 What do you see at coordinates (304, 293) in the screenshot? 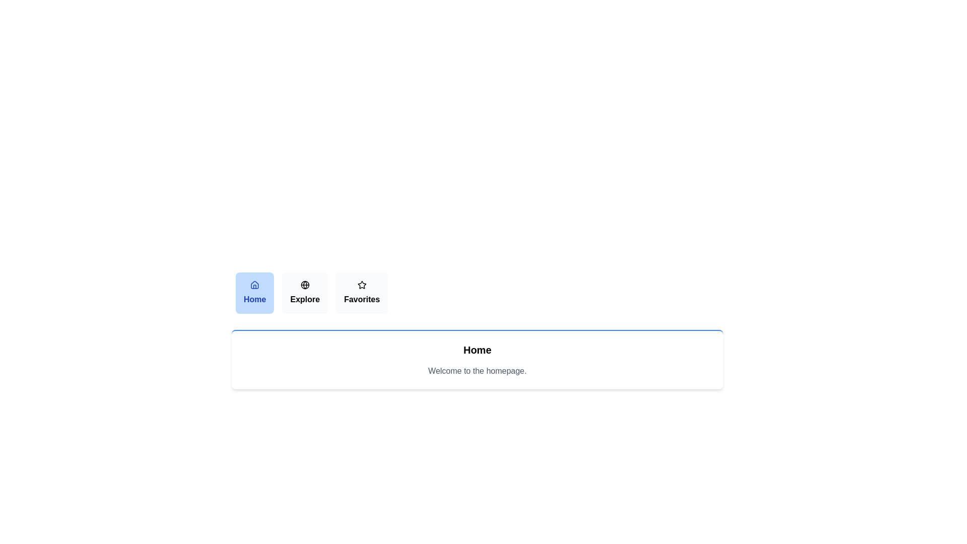
I see `the tab labeled Explore to observe its visual feedback` at bounding box center [304, 293].